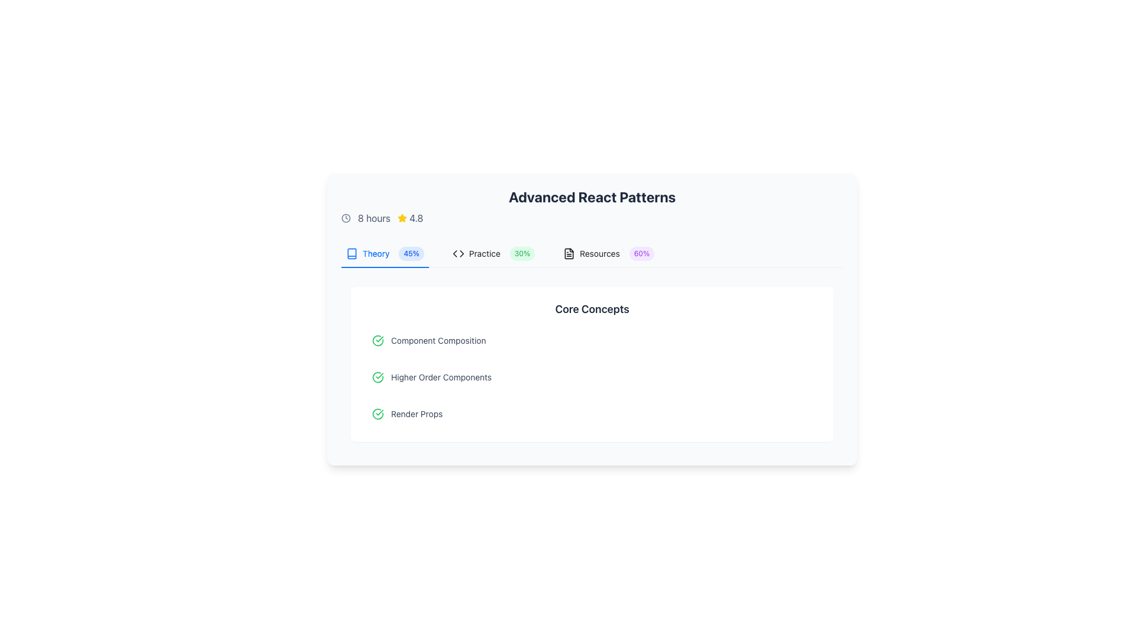  I want to click on the 'Practice 30%' tab, which features an icon resembling code brackets and a green badge indicating '30%', so click(493, 253).